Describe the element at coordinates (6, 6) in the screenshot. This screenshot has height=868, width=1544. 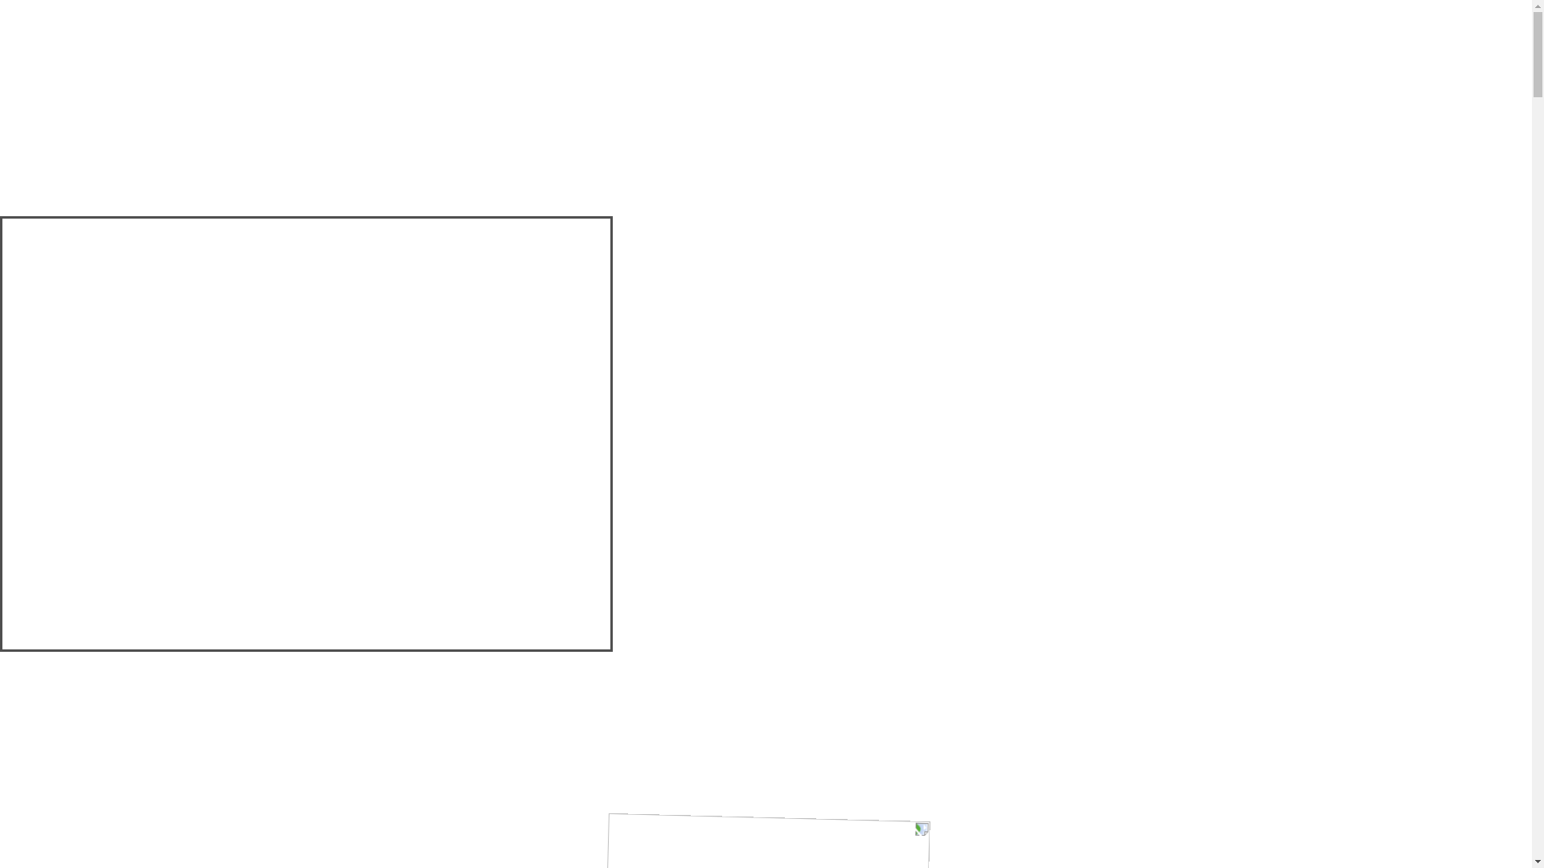
I see `'Skip to main content'` at that location.